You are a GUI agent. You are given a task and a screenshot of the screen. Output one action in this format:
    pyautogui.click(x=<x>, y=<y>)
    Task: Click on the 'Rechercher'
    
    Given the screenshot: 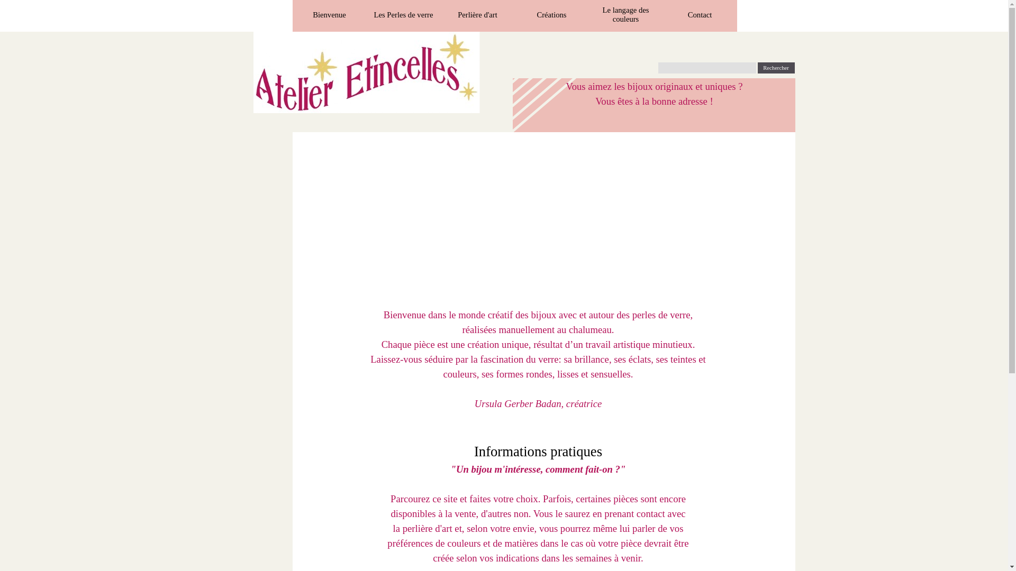 What is the action you would take?
    pyautogui.click(x=776, y=68)
    